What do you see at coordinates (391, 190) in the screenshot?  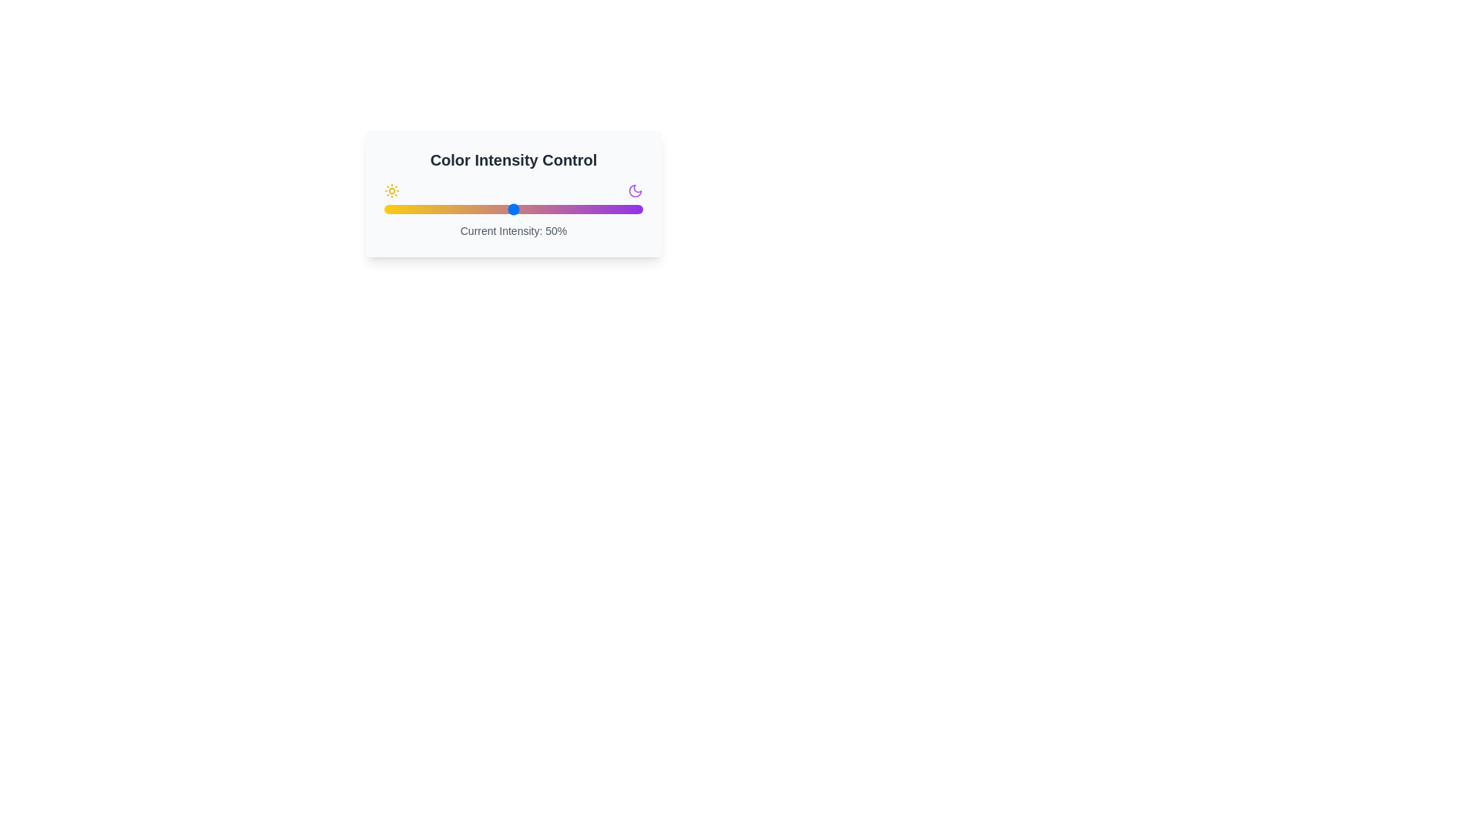 I see `the sun icon to select it` at bounding box center [391, 190].